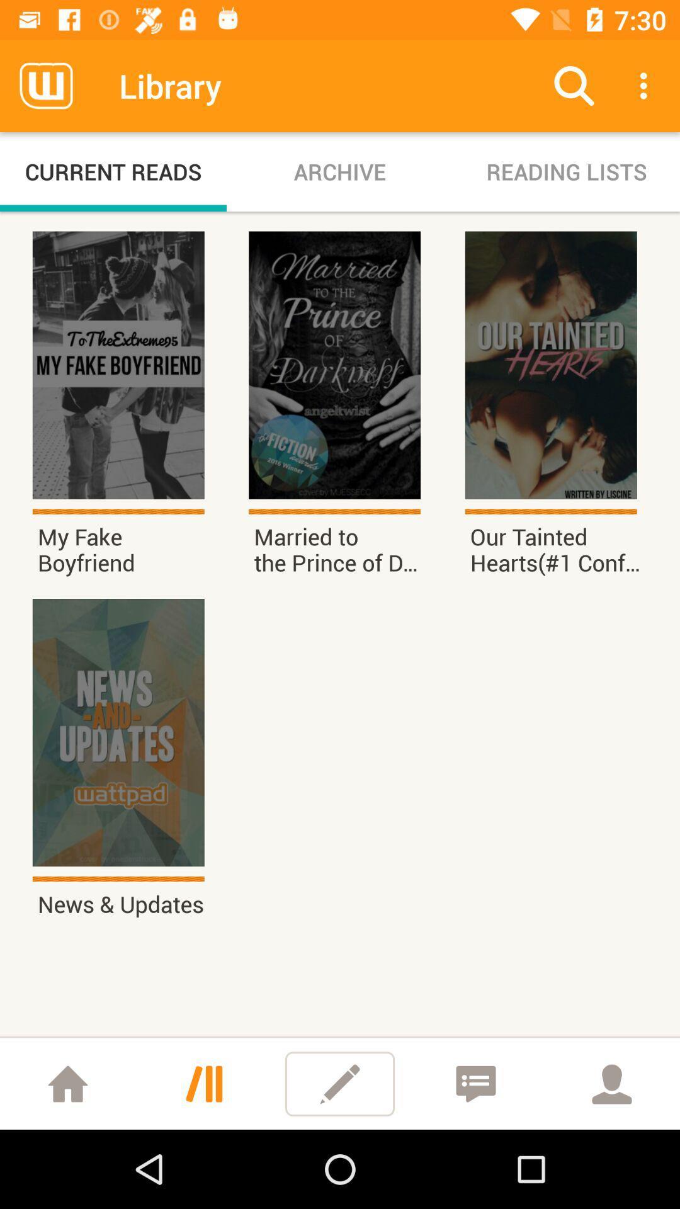  What do you see at coordinates (565, 171) in the screenshot?
I see `the item next to the archive` at bounding box center [565, 171].